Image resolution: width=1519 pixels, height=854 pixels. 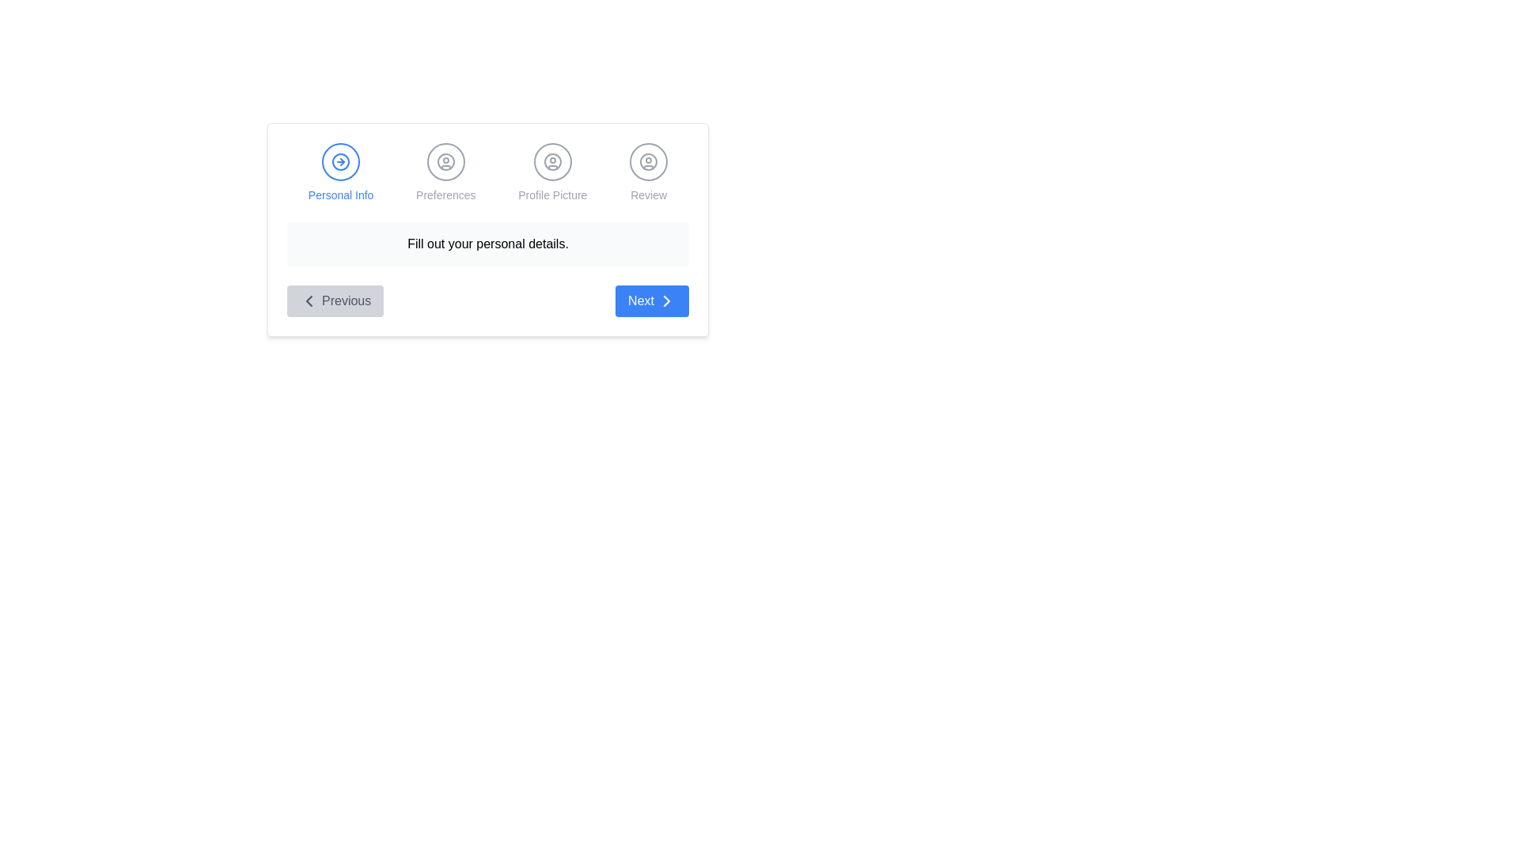 What do you see at coordinates (445, 161) in the screenshot?
I see `the outermost circle of the 'Preferences' step indicator in the horizontal step navigation component` at bounding box center [445, 161].